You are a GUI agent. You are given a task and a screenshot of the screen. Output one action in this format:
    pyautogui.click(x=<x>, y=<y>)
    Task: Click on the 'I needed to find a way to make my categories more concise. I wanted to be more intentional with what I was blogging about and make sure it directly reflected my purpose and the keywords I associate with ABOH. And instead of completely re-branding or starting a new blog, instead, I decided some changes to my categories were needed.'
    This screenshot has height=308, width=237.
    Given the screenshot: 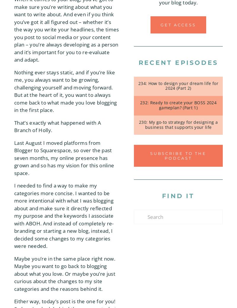 What is the action you would take?
    pyautogui.click(x=64, y=216)
    